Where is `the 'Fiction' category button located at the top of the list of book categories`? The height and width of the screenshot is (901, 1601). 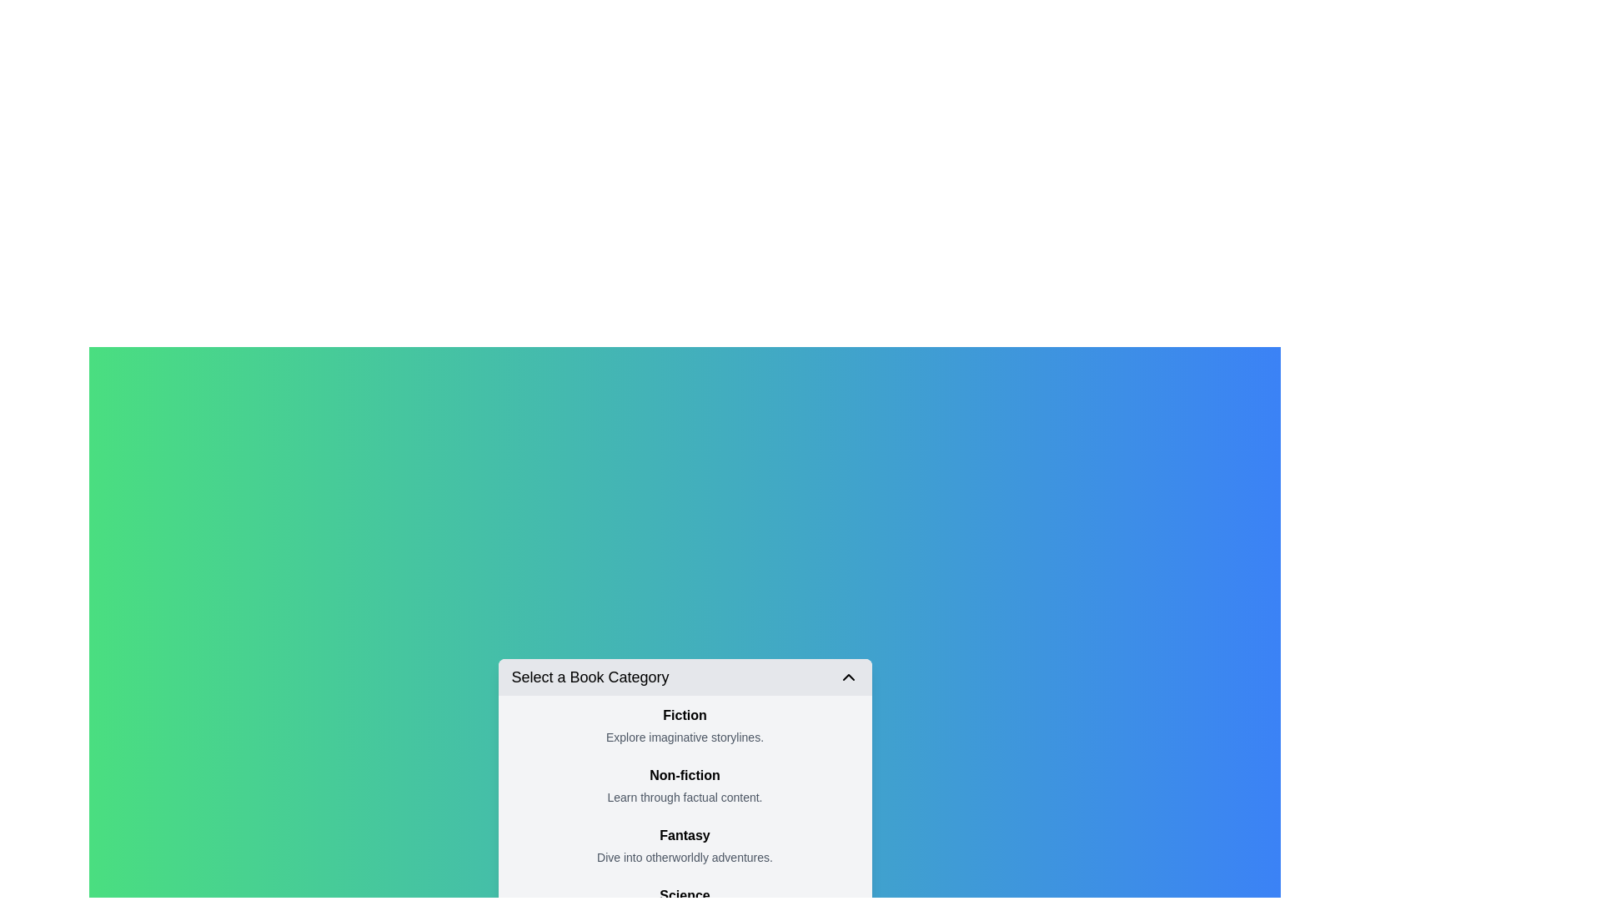 the 'Fiction' category button located at the top of the list of book categories is located at coordinates (685, 725).